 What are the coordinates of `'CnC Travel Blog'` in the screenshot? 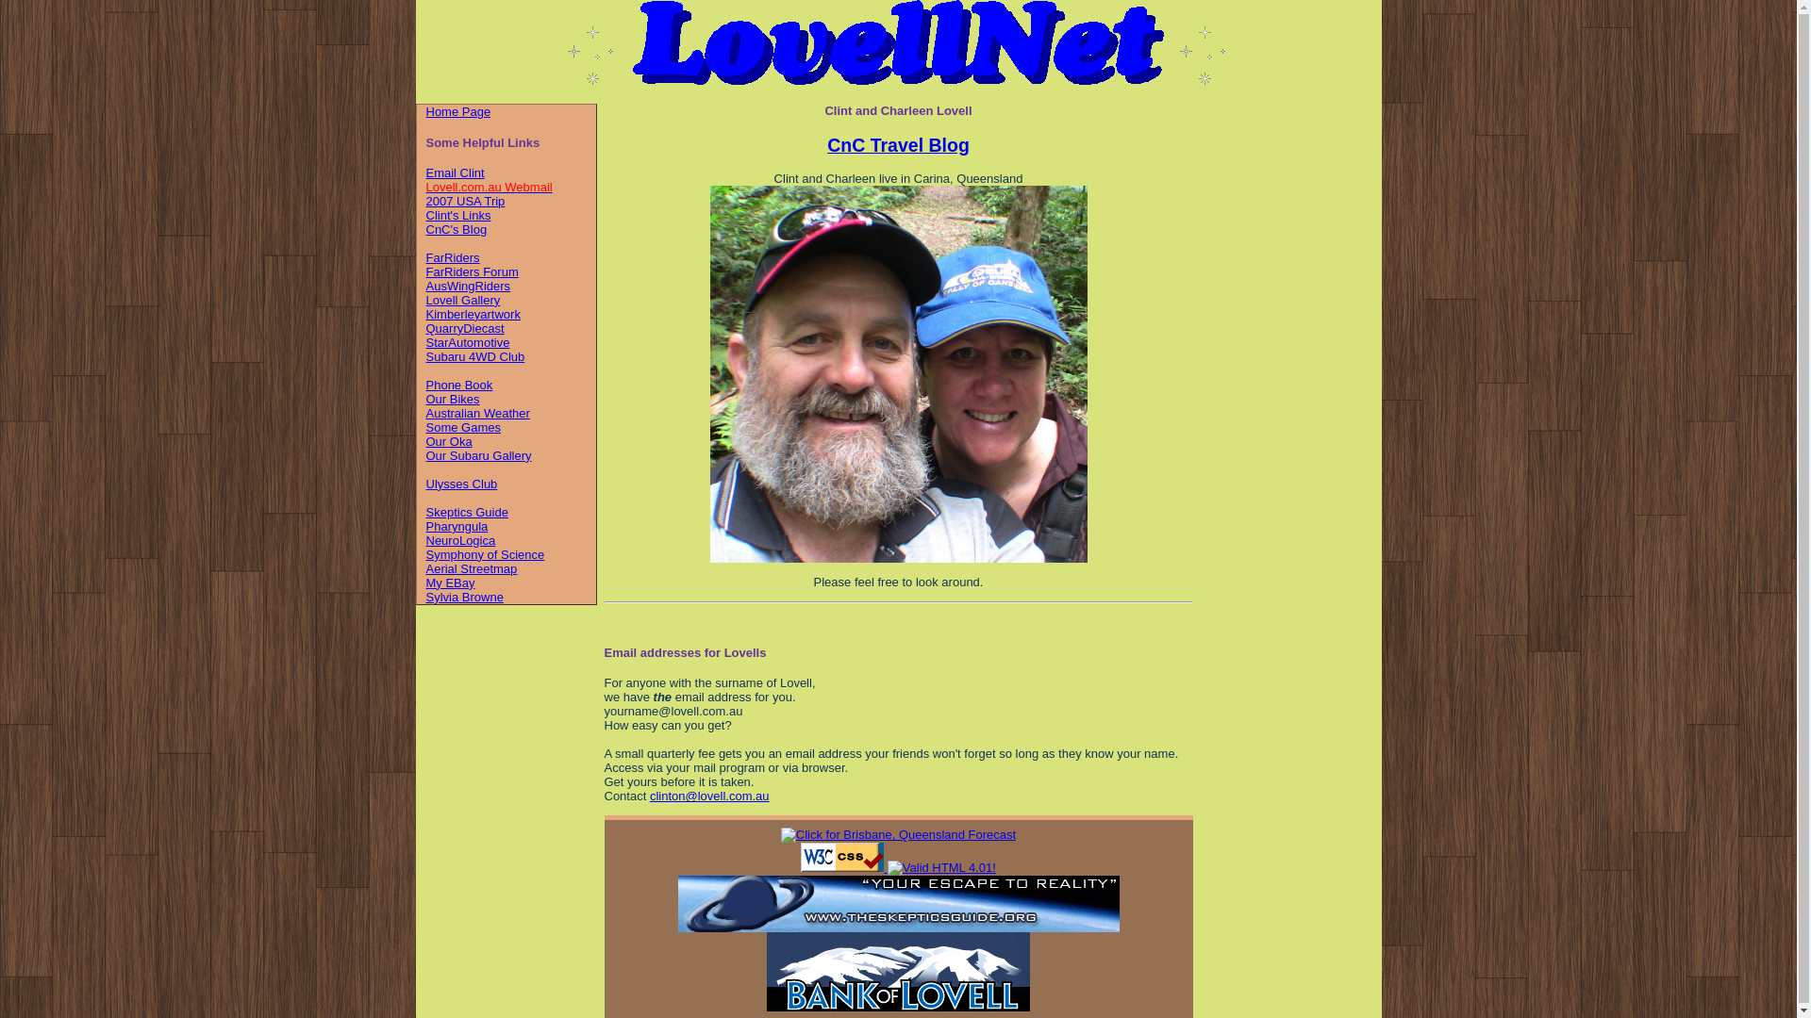 It's located at (827, 144).